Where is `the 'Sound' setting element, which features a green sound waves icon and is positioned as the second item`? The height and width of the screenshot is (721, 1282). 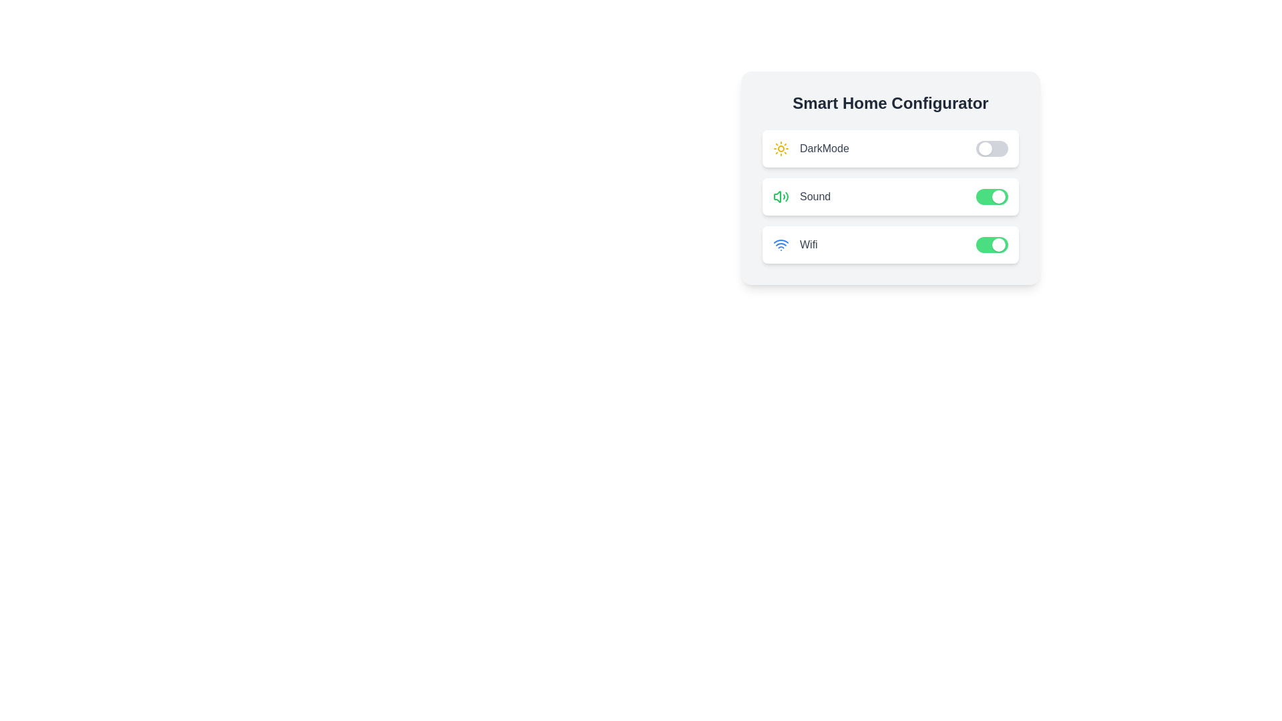 the 'Sound' setting element, which features a green sound waves icon and is positioned as the second item is located at coordinates (801, 196).